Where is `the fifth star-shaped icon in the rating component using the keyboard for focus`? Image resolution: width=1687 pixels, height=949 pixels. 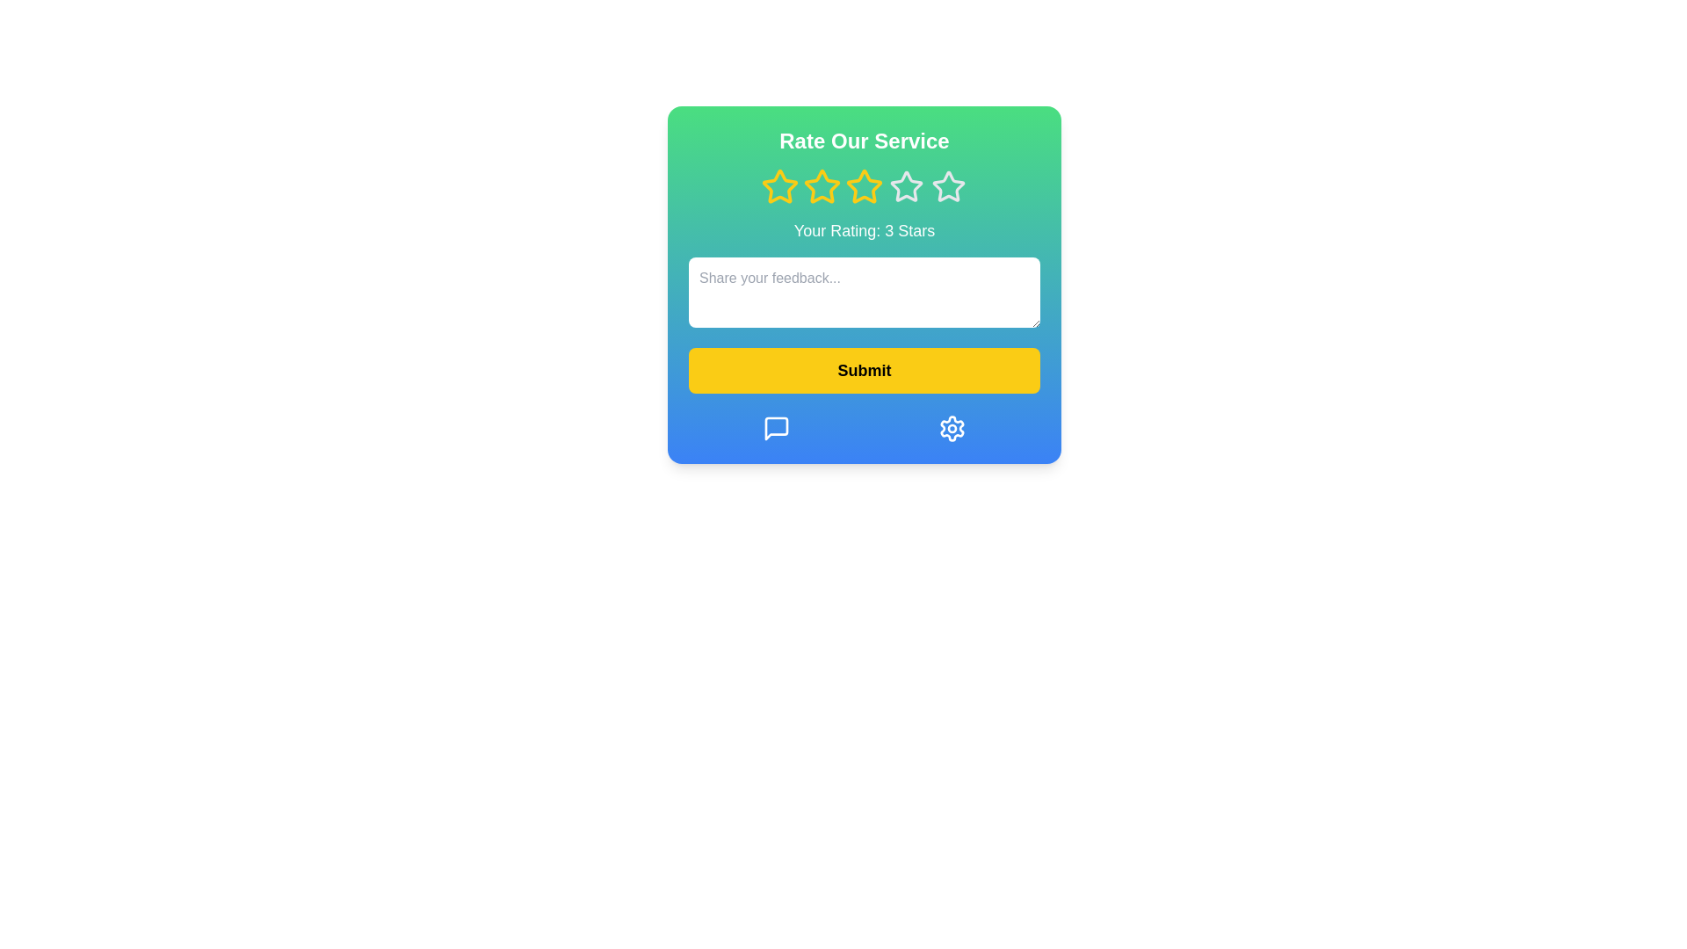
the fifth star-shaped icon in the rating component using the keyboard for focus is located at coordinates (948, 186).